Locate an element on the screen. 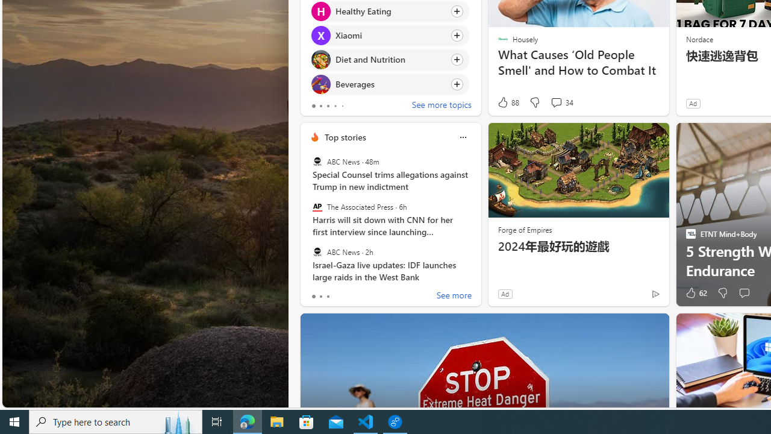 The width and height of the screenshot is (771, 434). 'Click to follow topic Beverages' is located at coordinates (390, 83).